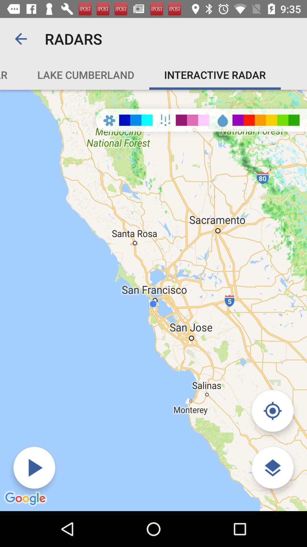 The image size is (307, 547). I want to click on item next to radars icon, so click(20, 38).